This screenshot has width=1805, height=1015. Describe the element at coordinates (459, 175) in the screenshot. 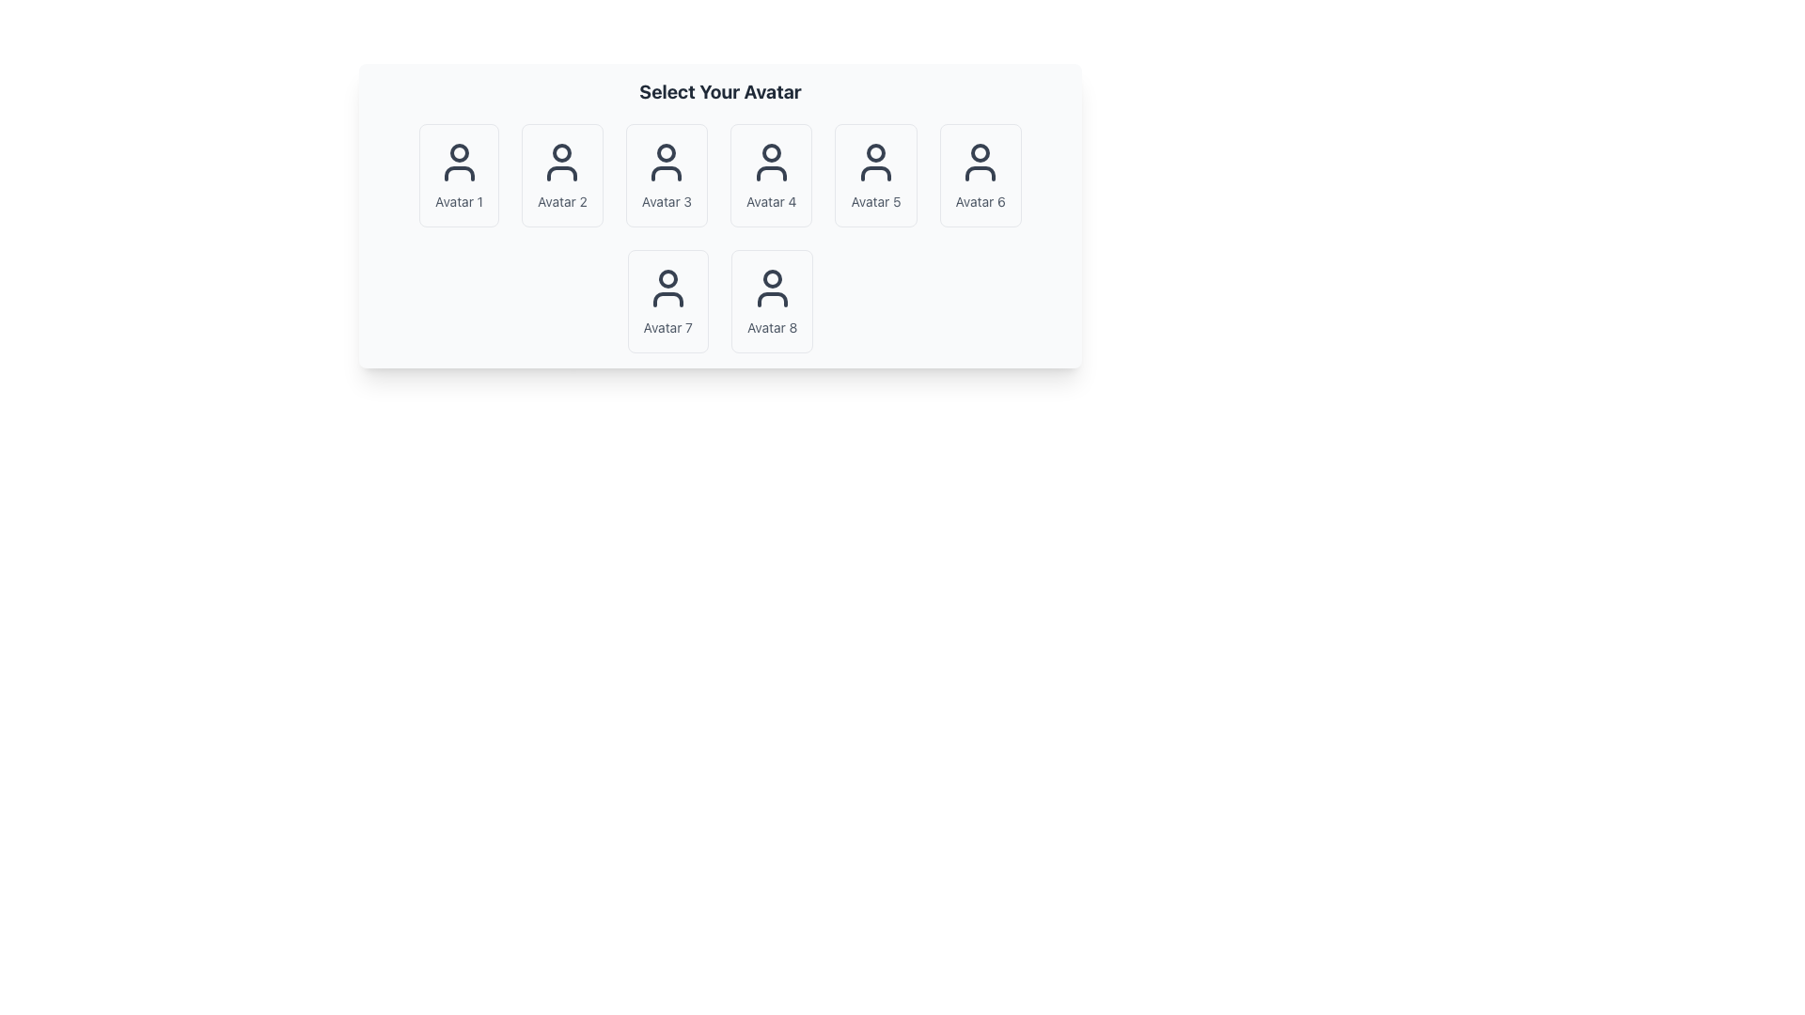

I see `the first interactive card or selectable avatar item, which features a circular user icon and the text 'Avatar 1' in a light gray font` at that location.